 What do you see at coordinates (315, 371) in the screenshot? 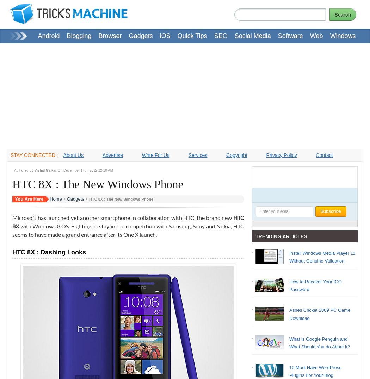
I see `'10 Must Have WordPress Plugins For Your Blog'` at bounding box center [315, 371].